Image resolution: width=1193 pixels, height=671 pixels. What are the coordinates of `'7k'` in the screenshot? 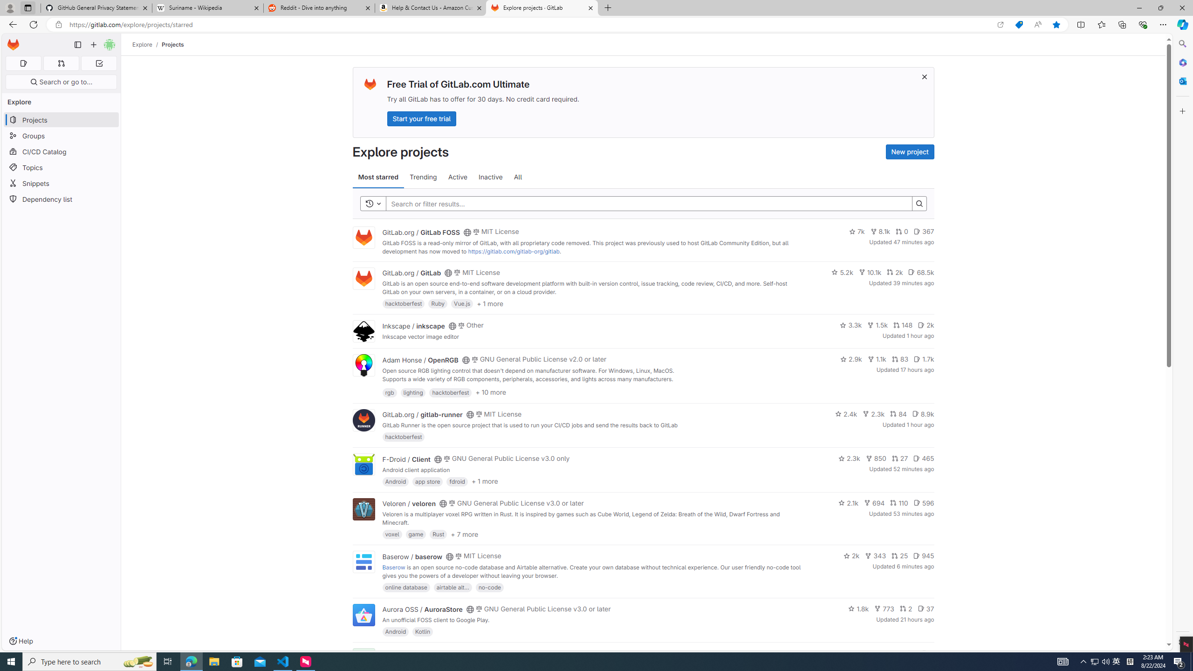 It's located at (857, 232).